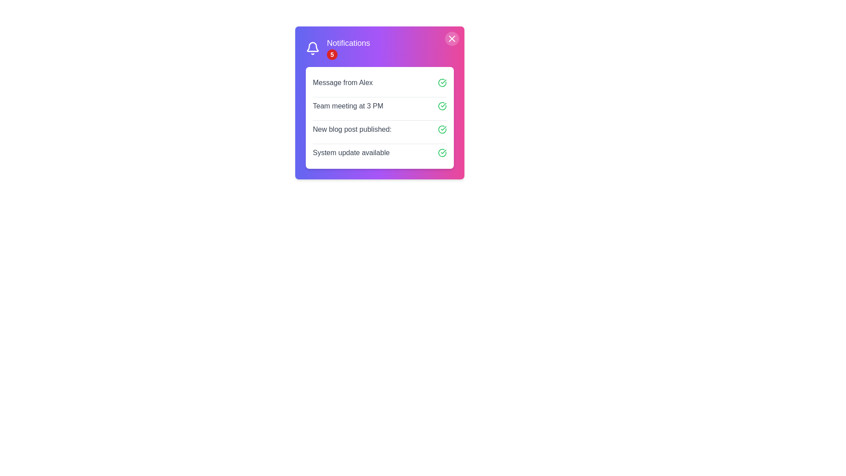 This screenshot has width=846, height=476. What do you see at coordinates (380, 129) in the screenshot?
I see `the information in the third notification message, which indicates a newly published blog post and is visually represented by a green checkmark icon` at bounding box center [380, 129].